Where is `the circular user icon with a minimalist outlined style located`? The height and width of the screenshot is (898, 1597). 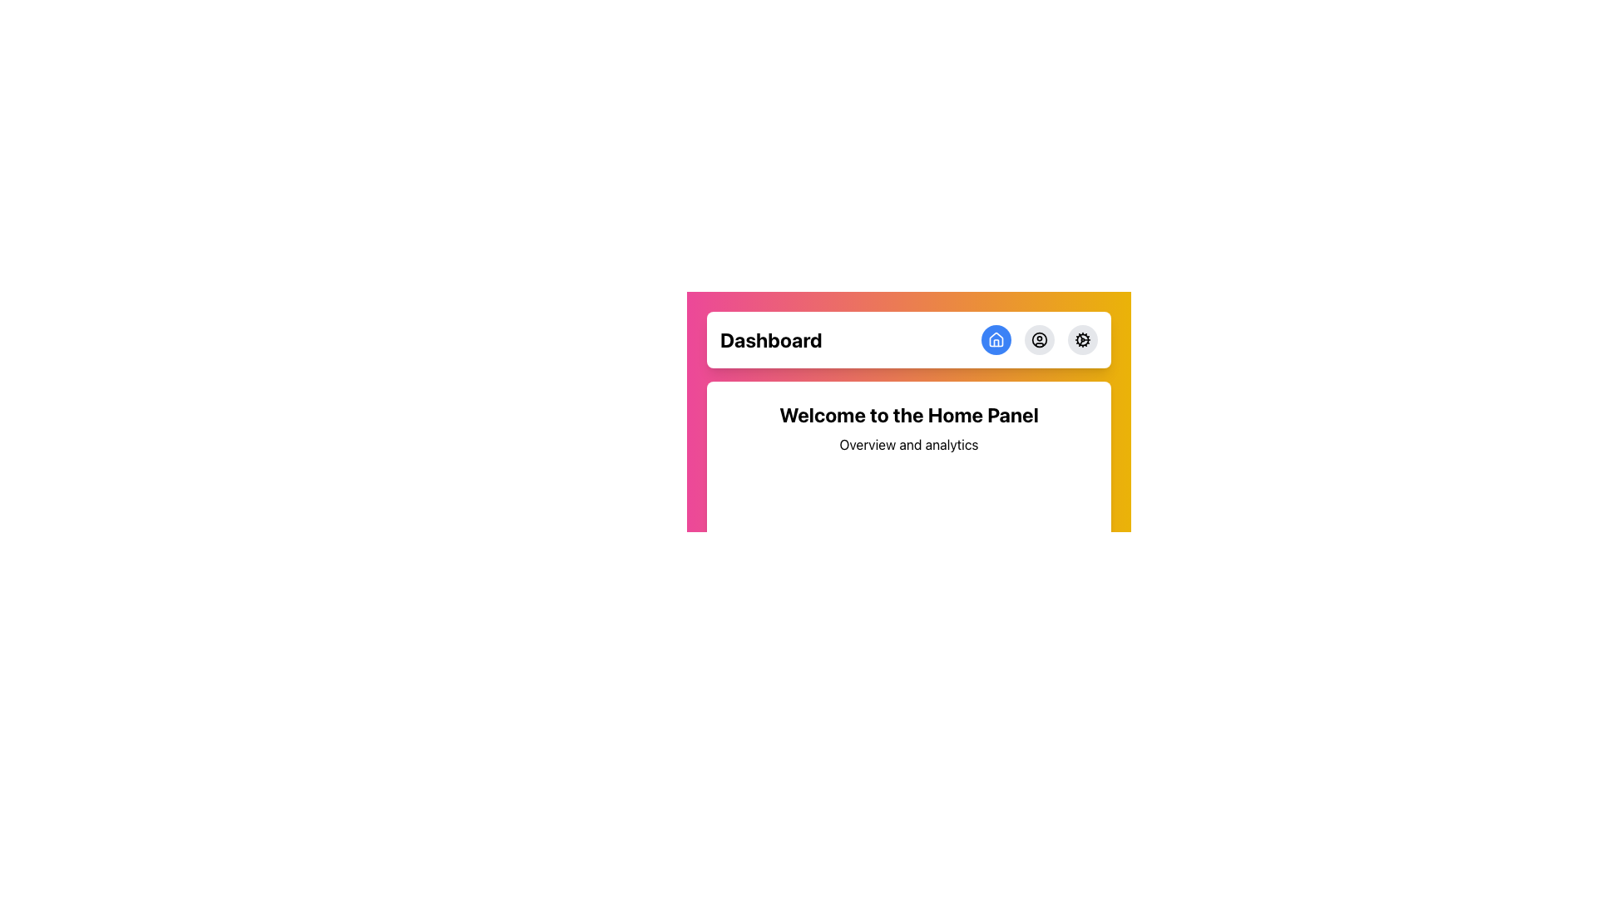 the circular user icon with a minimalist outlined style located is located at coordinates (1038, 338).